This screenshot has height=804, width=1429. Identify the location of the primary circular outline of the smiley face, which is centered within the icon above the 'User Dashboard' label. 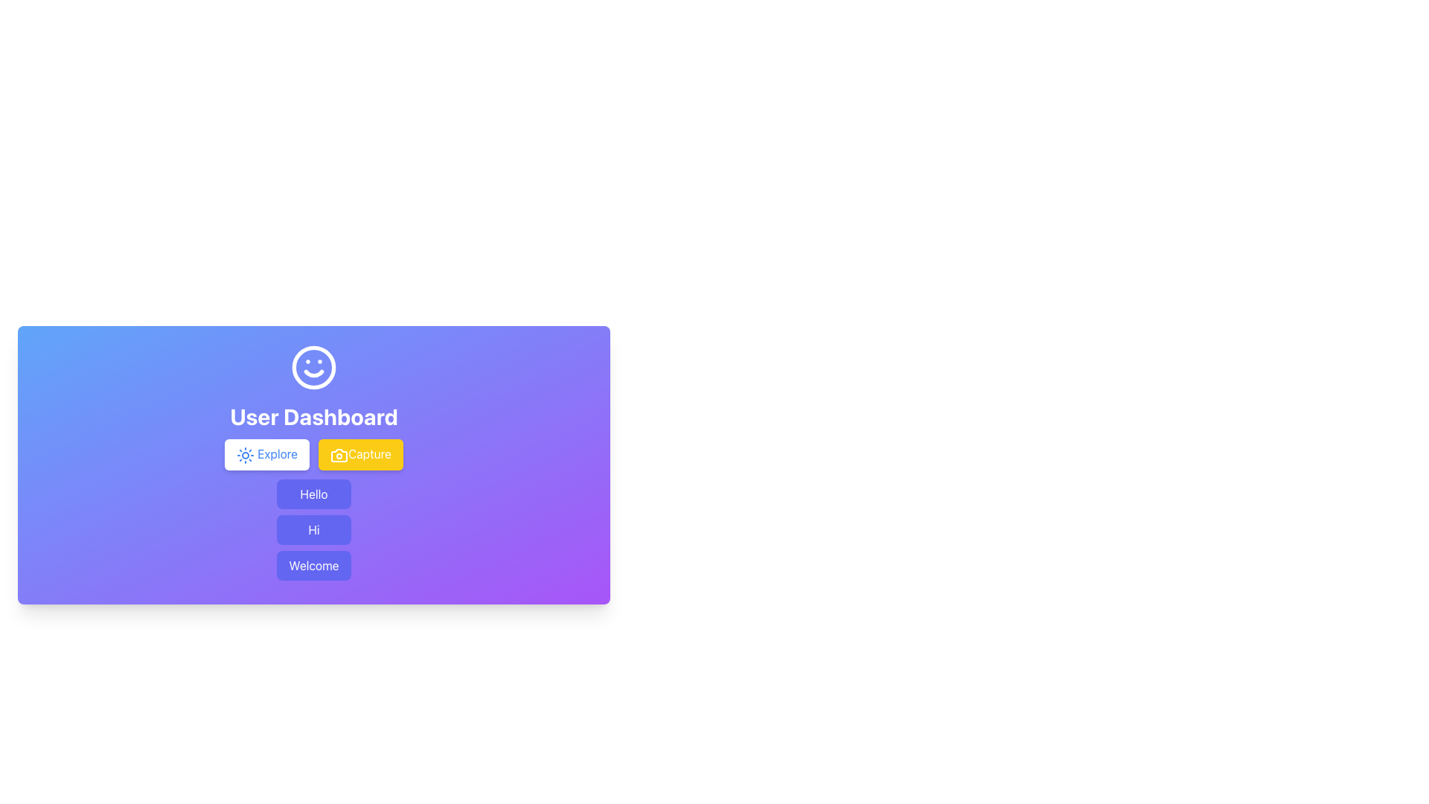
(313, 367).